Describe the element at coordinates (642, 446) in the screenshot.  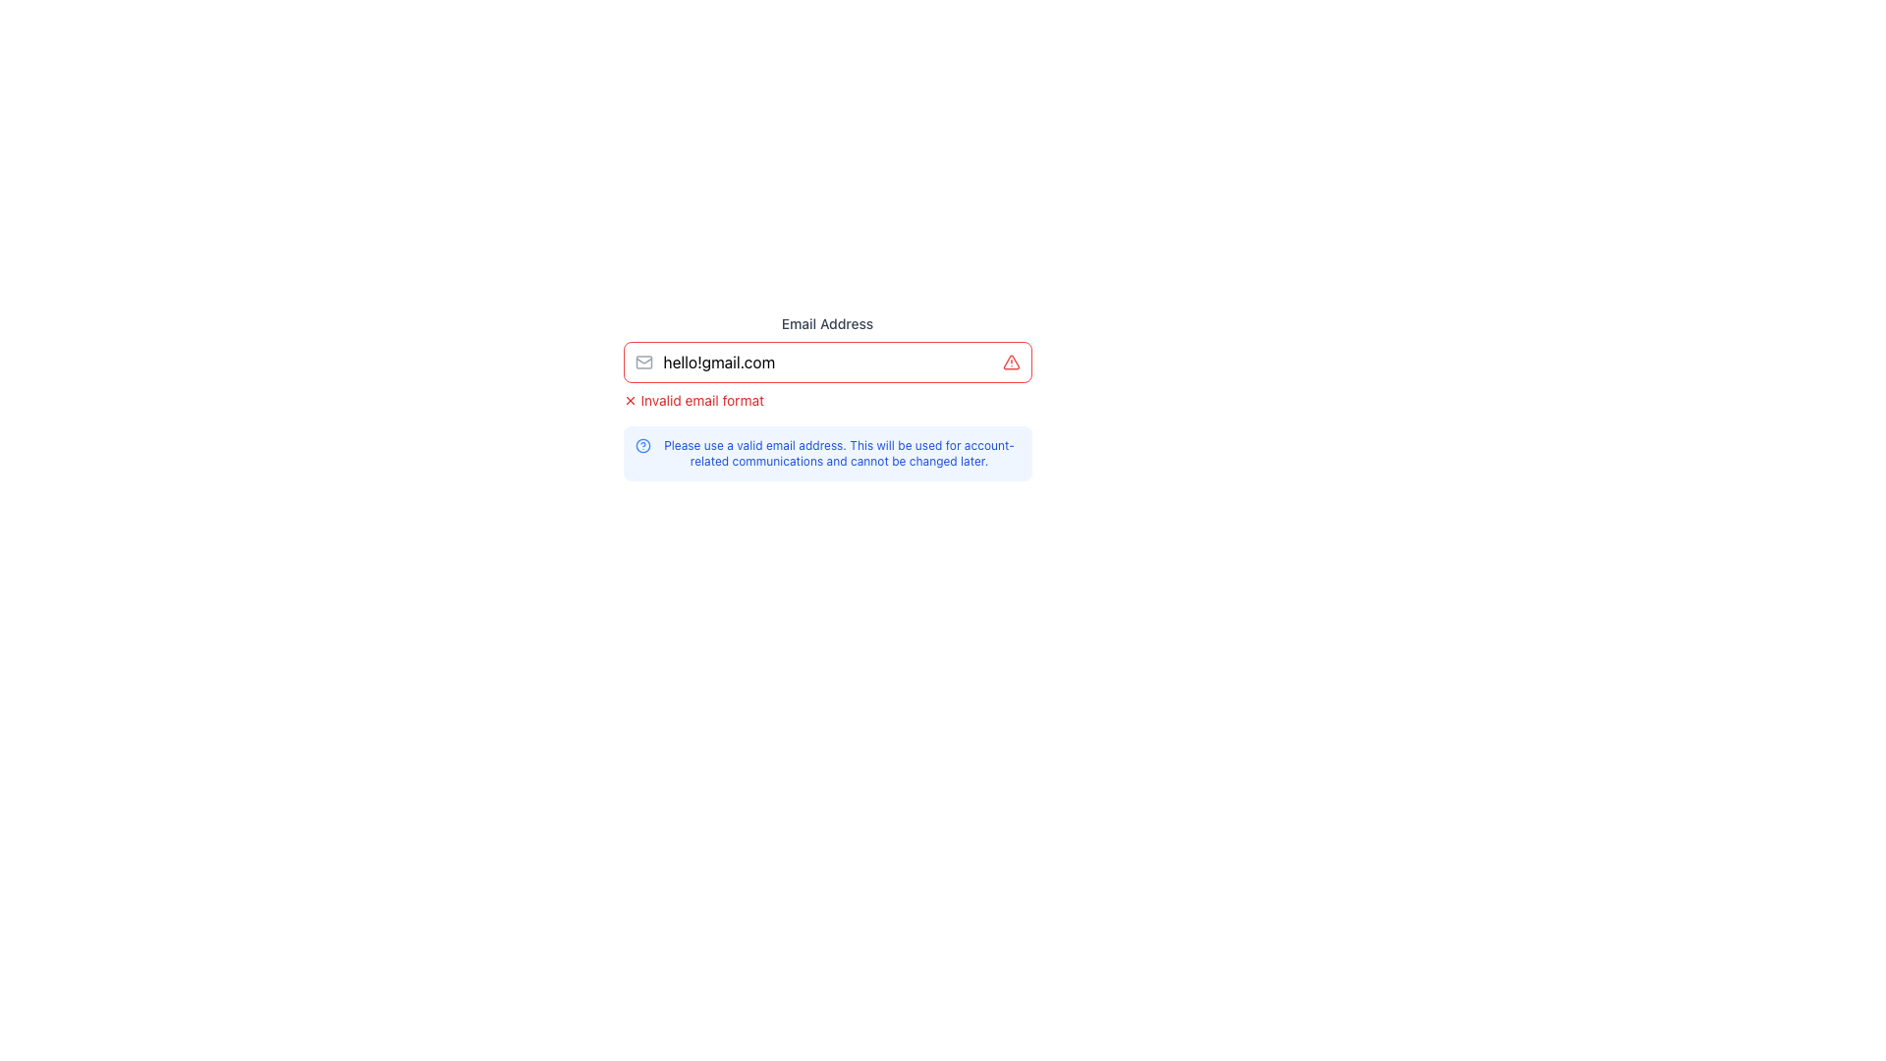
I see `the circular icon with a blue outline and a question mark symbol, located to the left of the message box stating 'Please use a valid email address.'` at that location.